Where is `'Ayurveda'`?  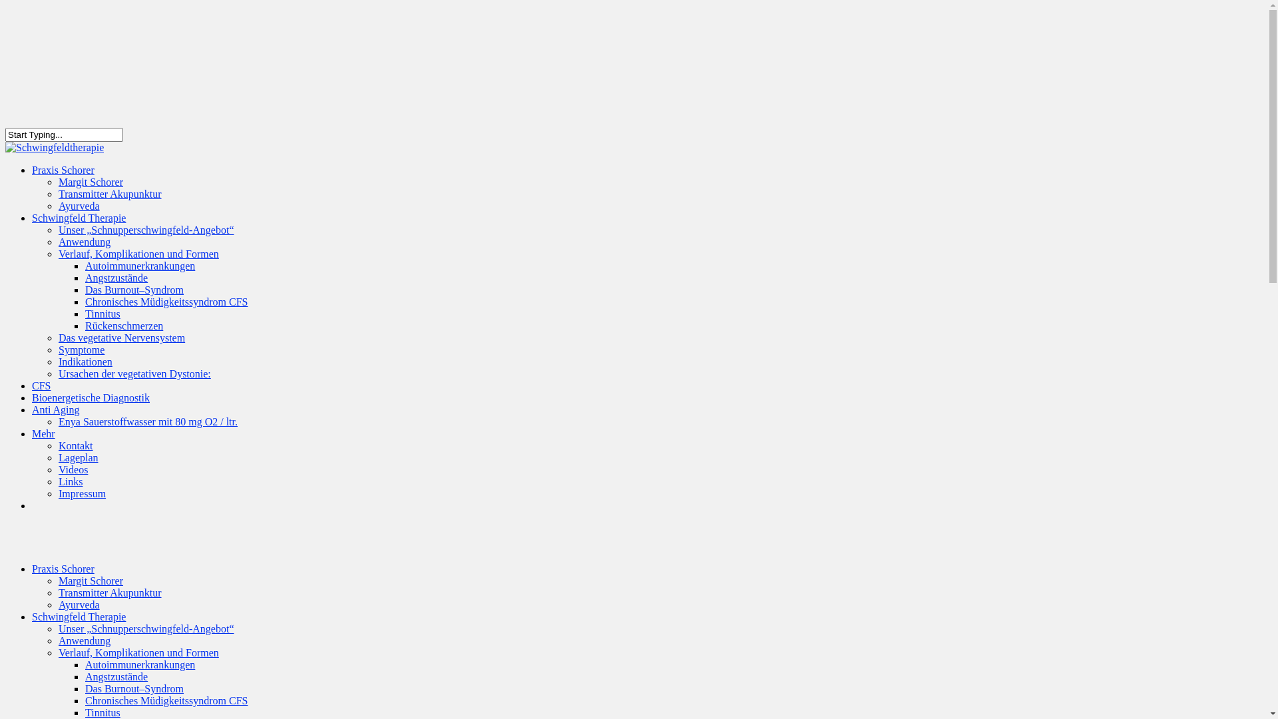 'Ayurveda' is located at coordinates (79, 206).